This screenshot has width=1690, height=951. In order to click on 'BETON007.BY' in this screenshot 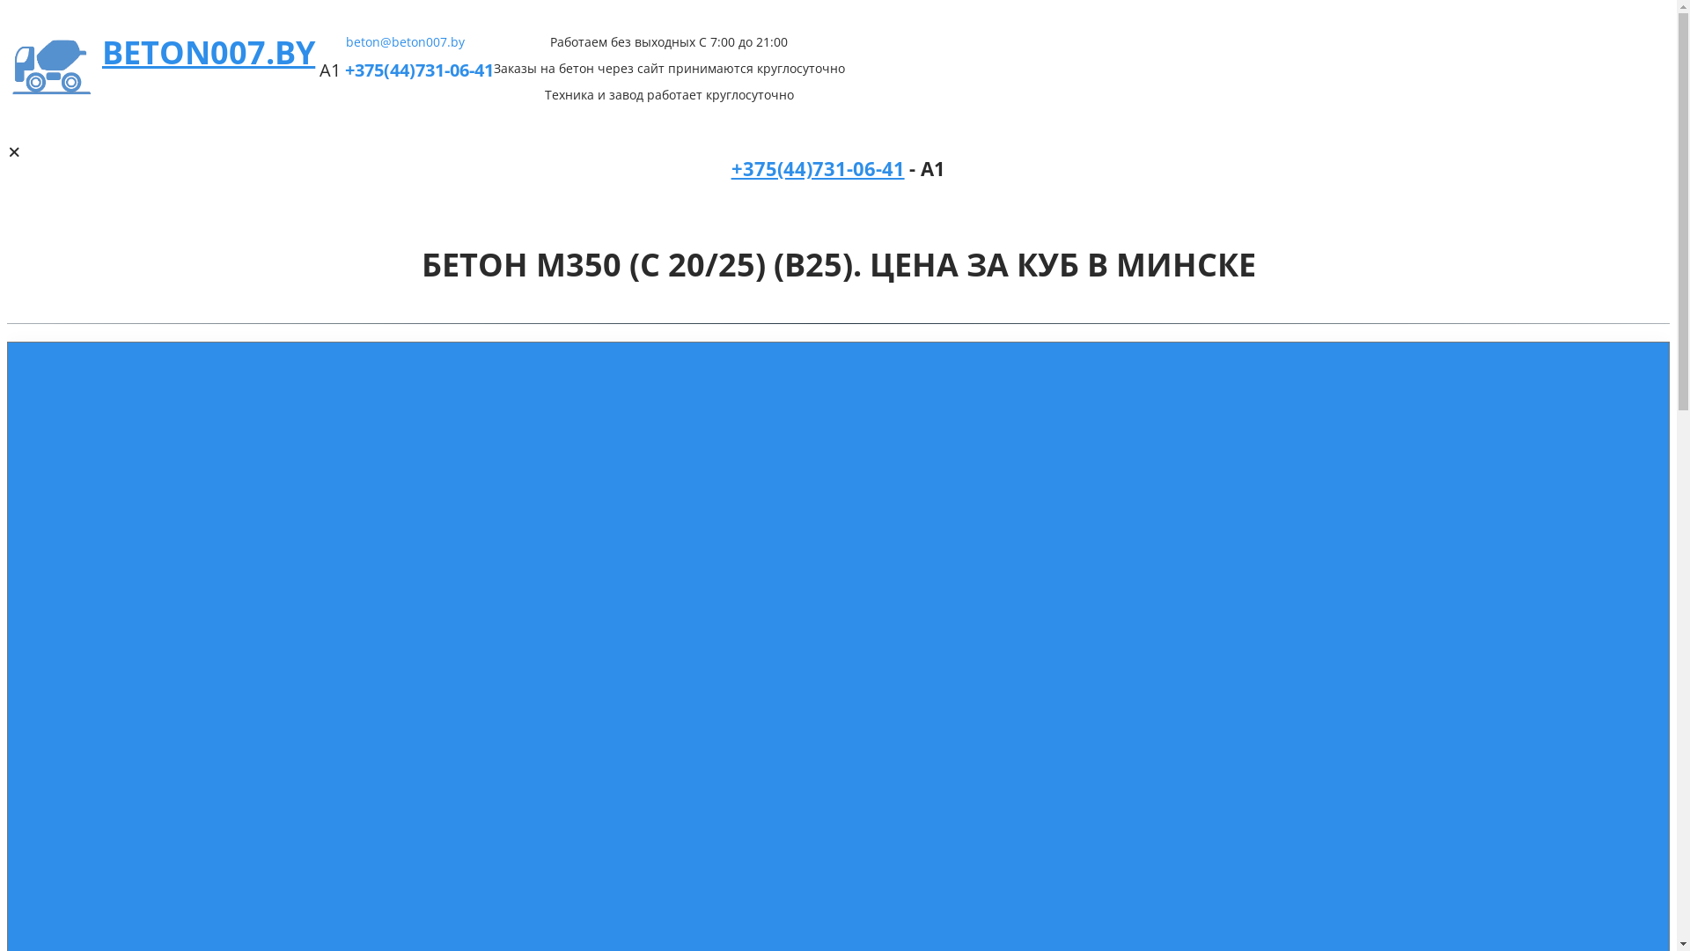, I will do `click(208, 51)`.